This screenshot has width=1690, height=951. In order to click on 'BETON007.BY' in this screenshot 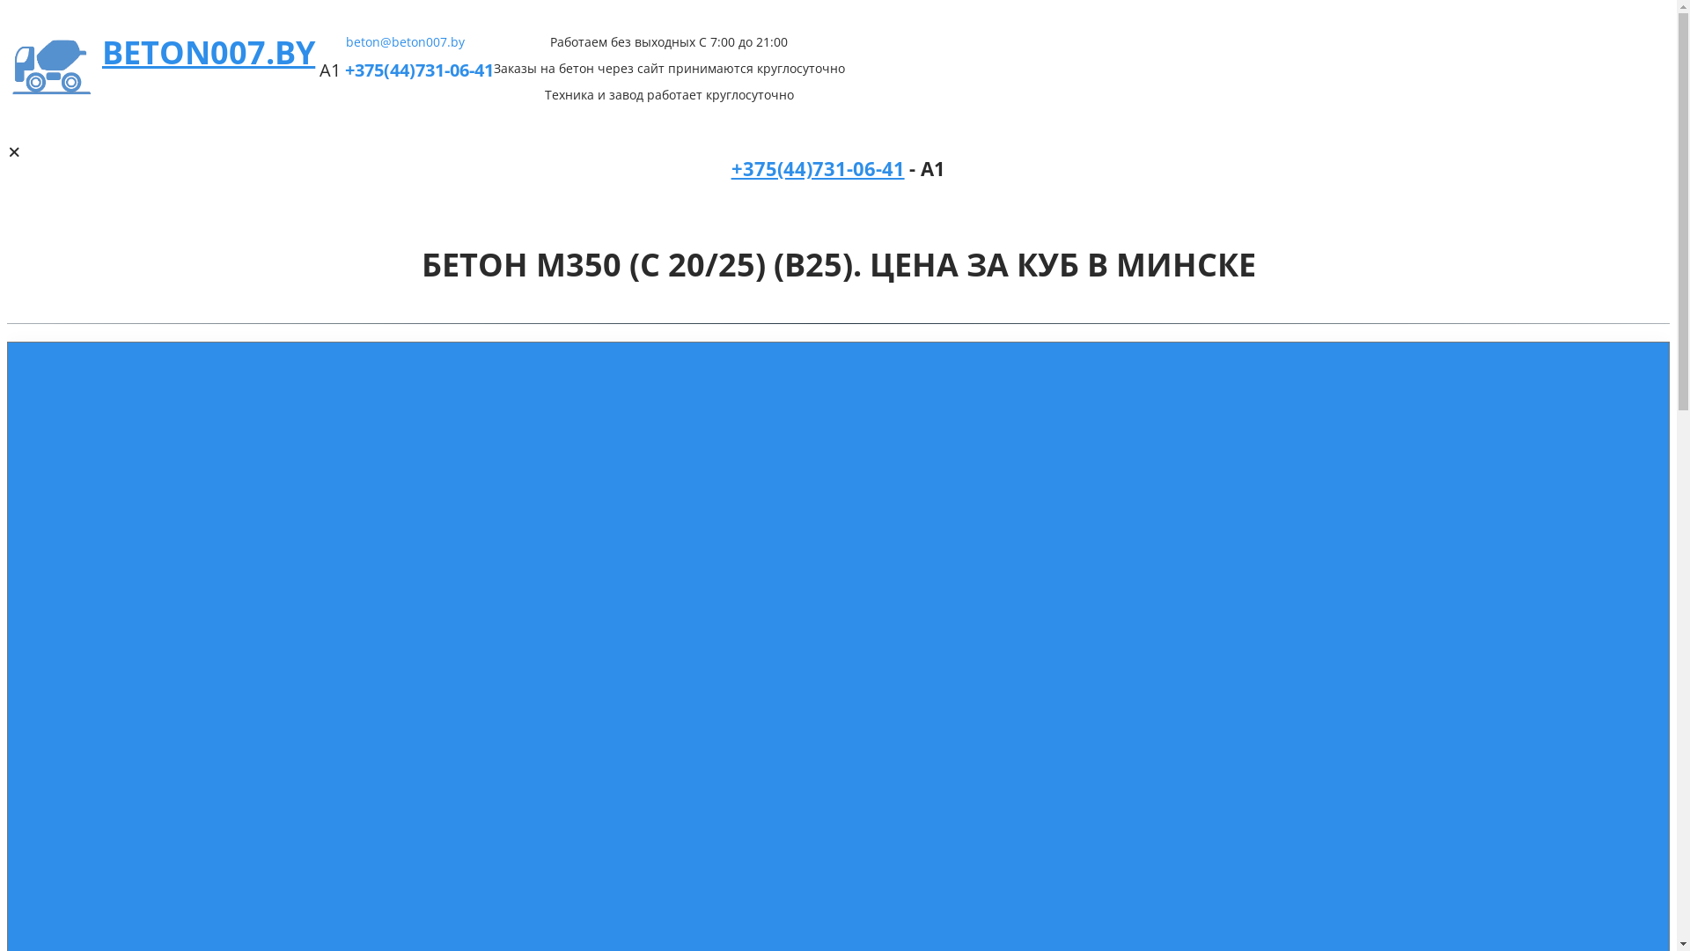, I will do `click(208, 51)`.